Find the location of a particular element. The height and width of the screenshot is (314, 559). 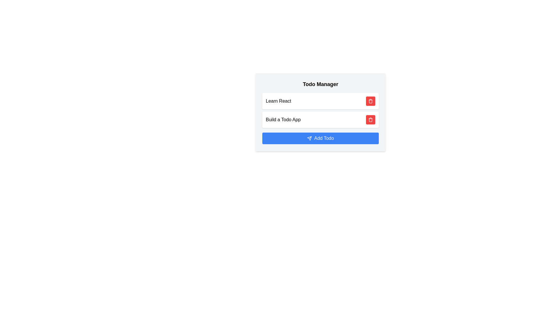

the red delete button with a trash can icon, located on the right side of the row displaying 'Build a Todo App', which is part of the second item in the Todo Manager section is located at coordinates (370, 119).